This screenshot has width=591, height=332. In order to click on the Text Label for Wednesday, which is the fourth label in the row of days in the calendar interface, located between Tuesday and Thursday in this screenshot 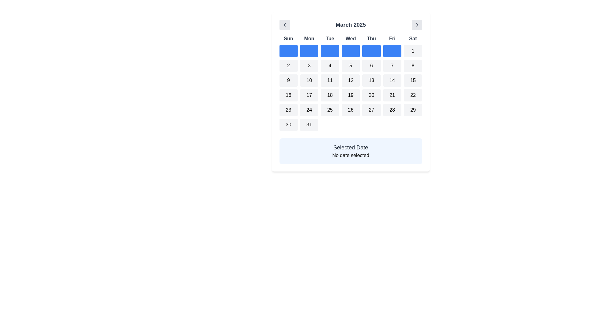, I will do `click(351, 39)`.